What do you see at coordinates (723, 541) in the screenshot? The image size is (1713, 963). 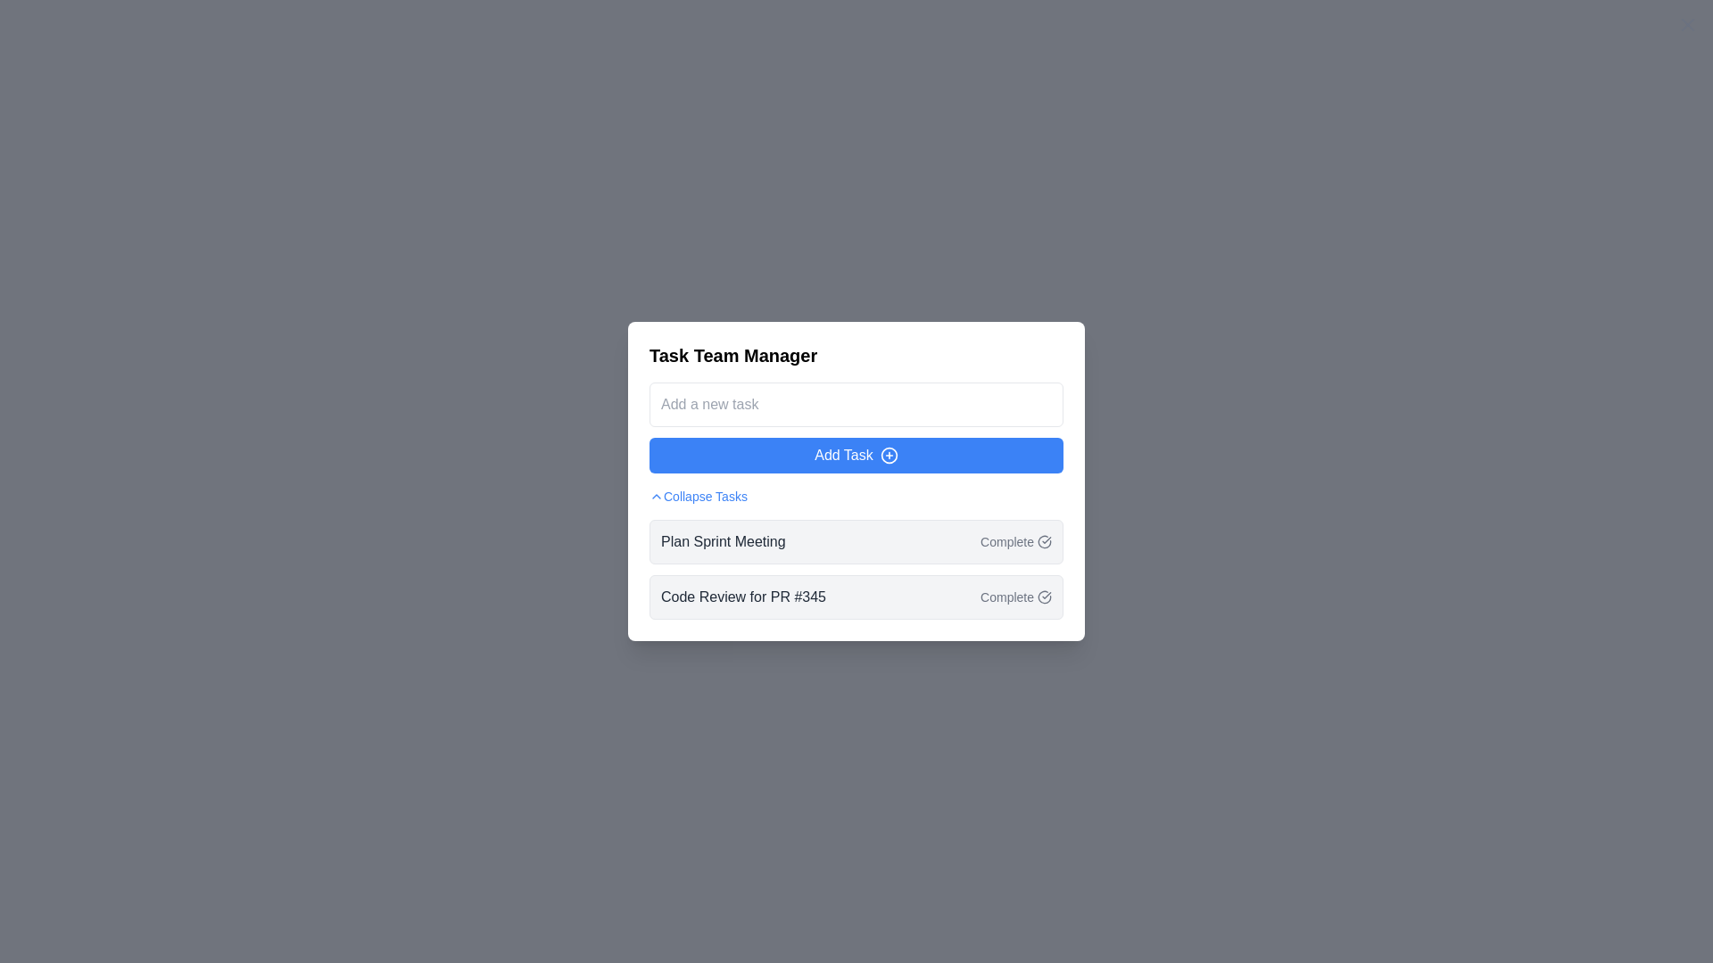 I see `text label that says 'Plan Sprint Meeting', which is styled in a dark gray font and is the leftmost component of the first task item under the 'Collapse Tasks' section` at bounding box center [723, 541].